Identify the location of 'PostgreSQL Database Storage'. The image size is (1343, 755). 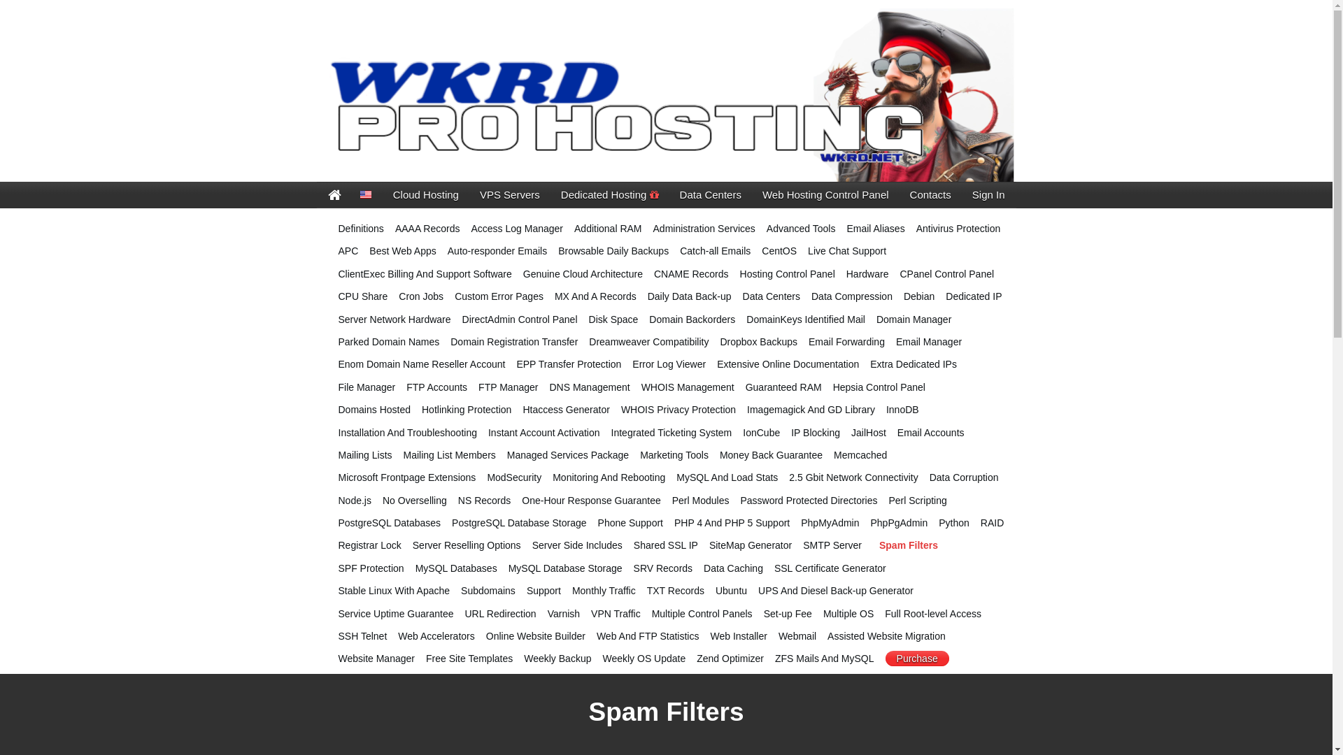
(518, 523).